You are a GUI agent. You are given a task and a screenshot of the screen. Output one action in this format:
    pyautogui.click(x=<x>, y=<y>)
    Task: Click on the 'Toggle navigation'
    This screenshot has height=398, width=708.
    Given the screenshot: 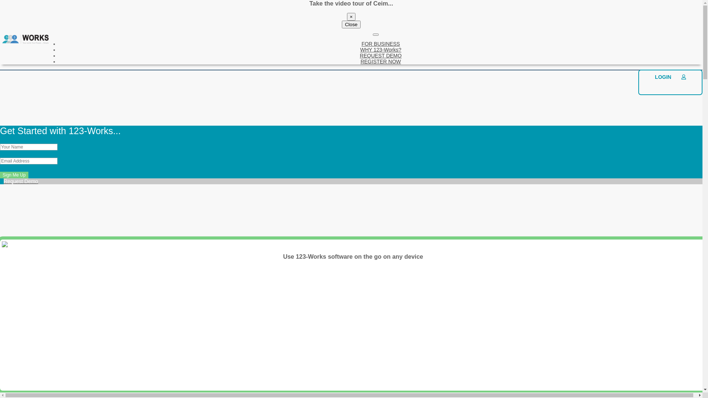 What is the action you would take?
    pyautogui.click(x=373, y=34)
    